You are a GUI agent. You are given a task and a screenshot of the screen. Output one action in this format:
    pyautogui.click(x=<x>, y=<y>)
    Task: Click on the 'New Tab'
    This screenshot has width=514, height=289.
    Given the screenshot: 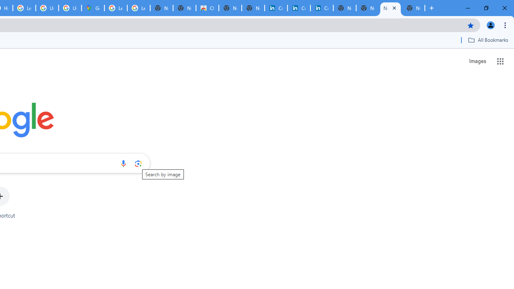 What is the action you would take?
    pyautogui.click(x=413, y=8)
    